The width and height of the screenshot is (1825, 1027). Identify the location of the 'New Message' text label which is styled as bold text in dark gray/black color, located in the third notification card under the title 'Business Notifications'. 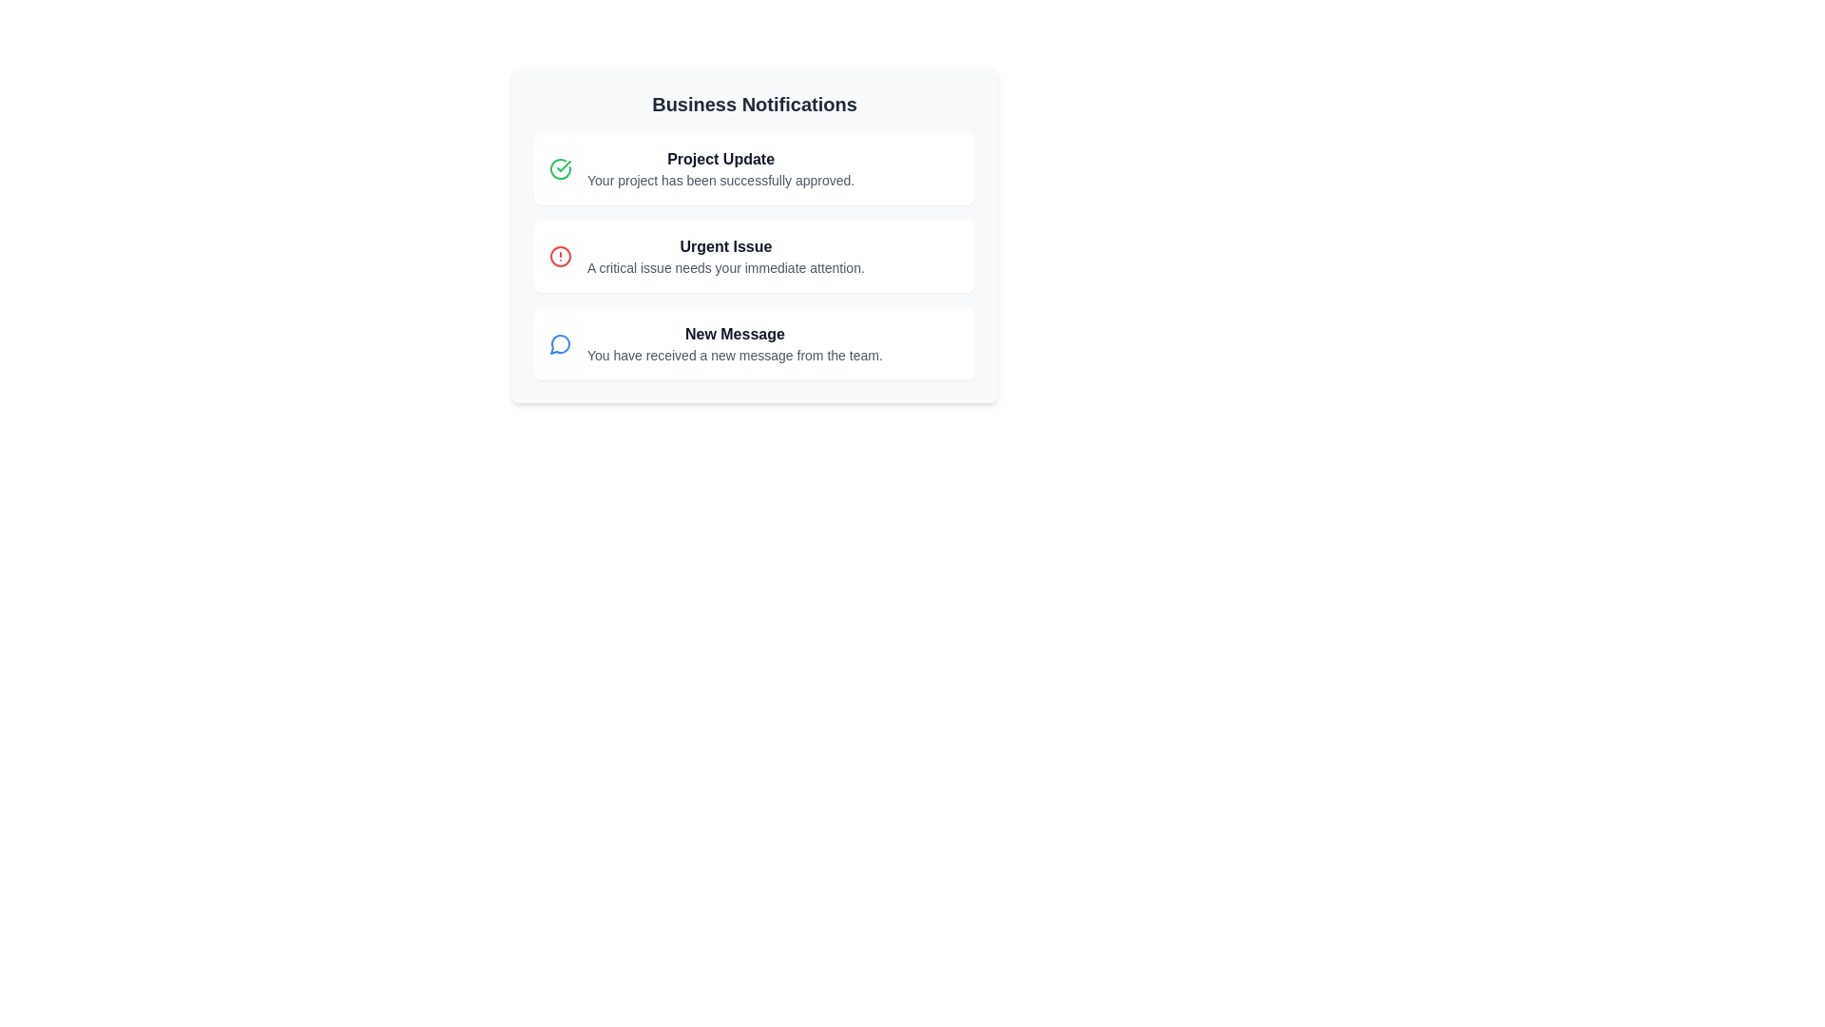
(734, 333).